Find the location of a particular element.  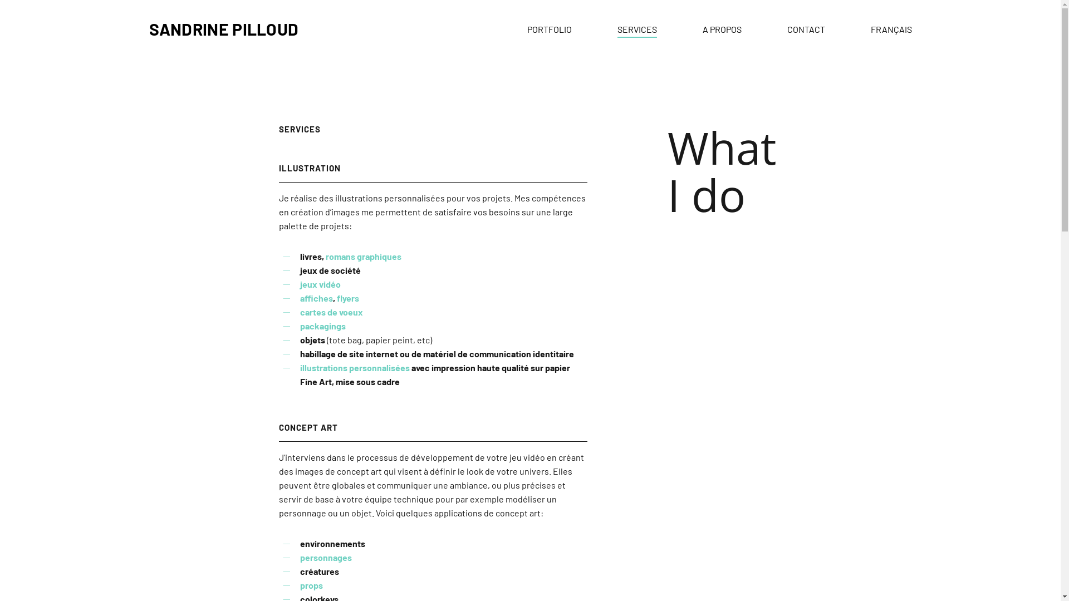

'SANDRINE PILLOUD' is located at coordinates (223, 28).